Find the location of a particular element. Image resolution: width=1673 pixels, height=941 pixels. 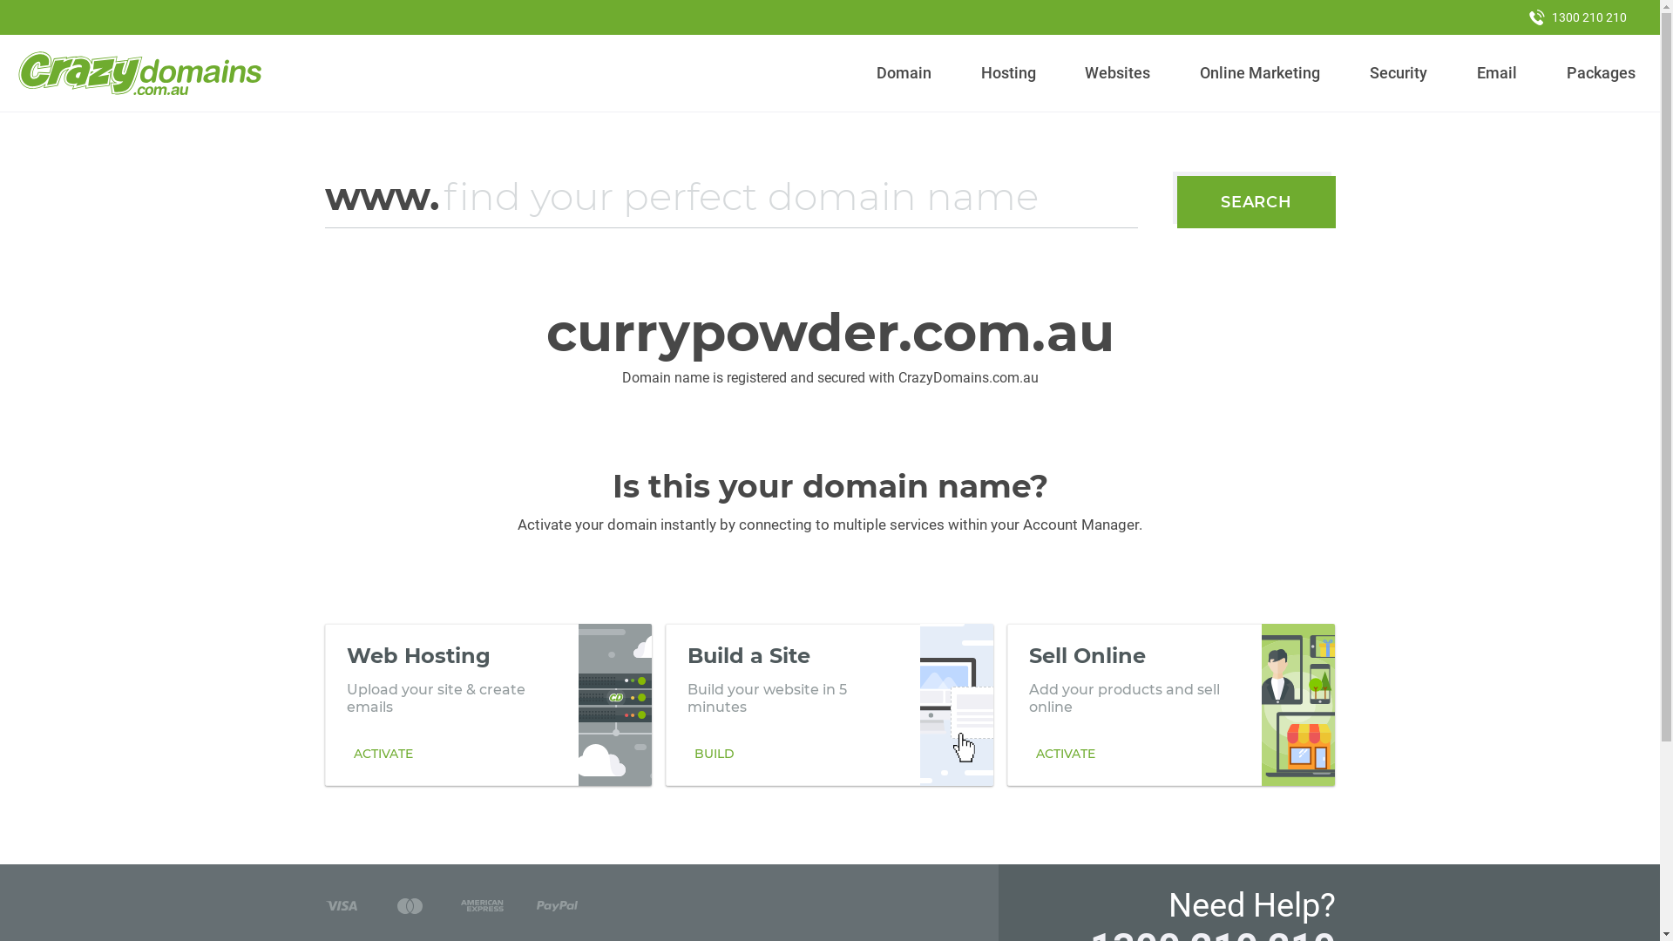

'Websites' is located at coordinates (1117, 72).